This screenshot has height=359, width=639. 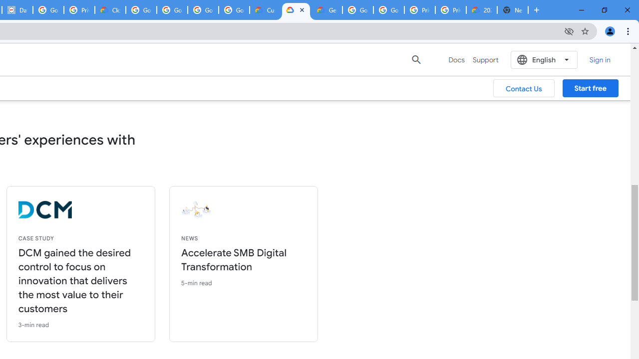 I want to click on 'Start free', so click(x=590, y=88).